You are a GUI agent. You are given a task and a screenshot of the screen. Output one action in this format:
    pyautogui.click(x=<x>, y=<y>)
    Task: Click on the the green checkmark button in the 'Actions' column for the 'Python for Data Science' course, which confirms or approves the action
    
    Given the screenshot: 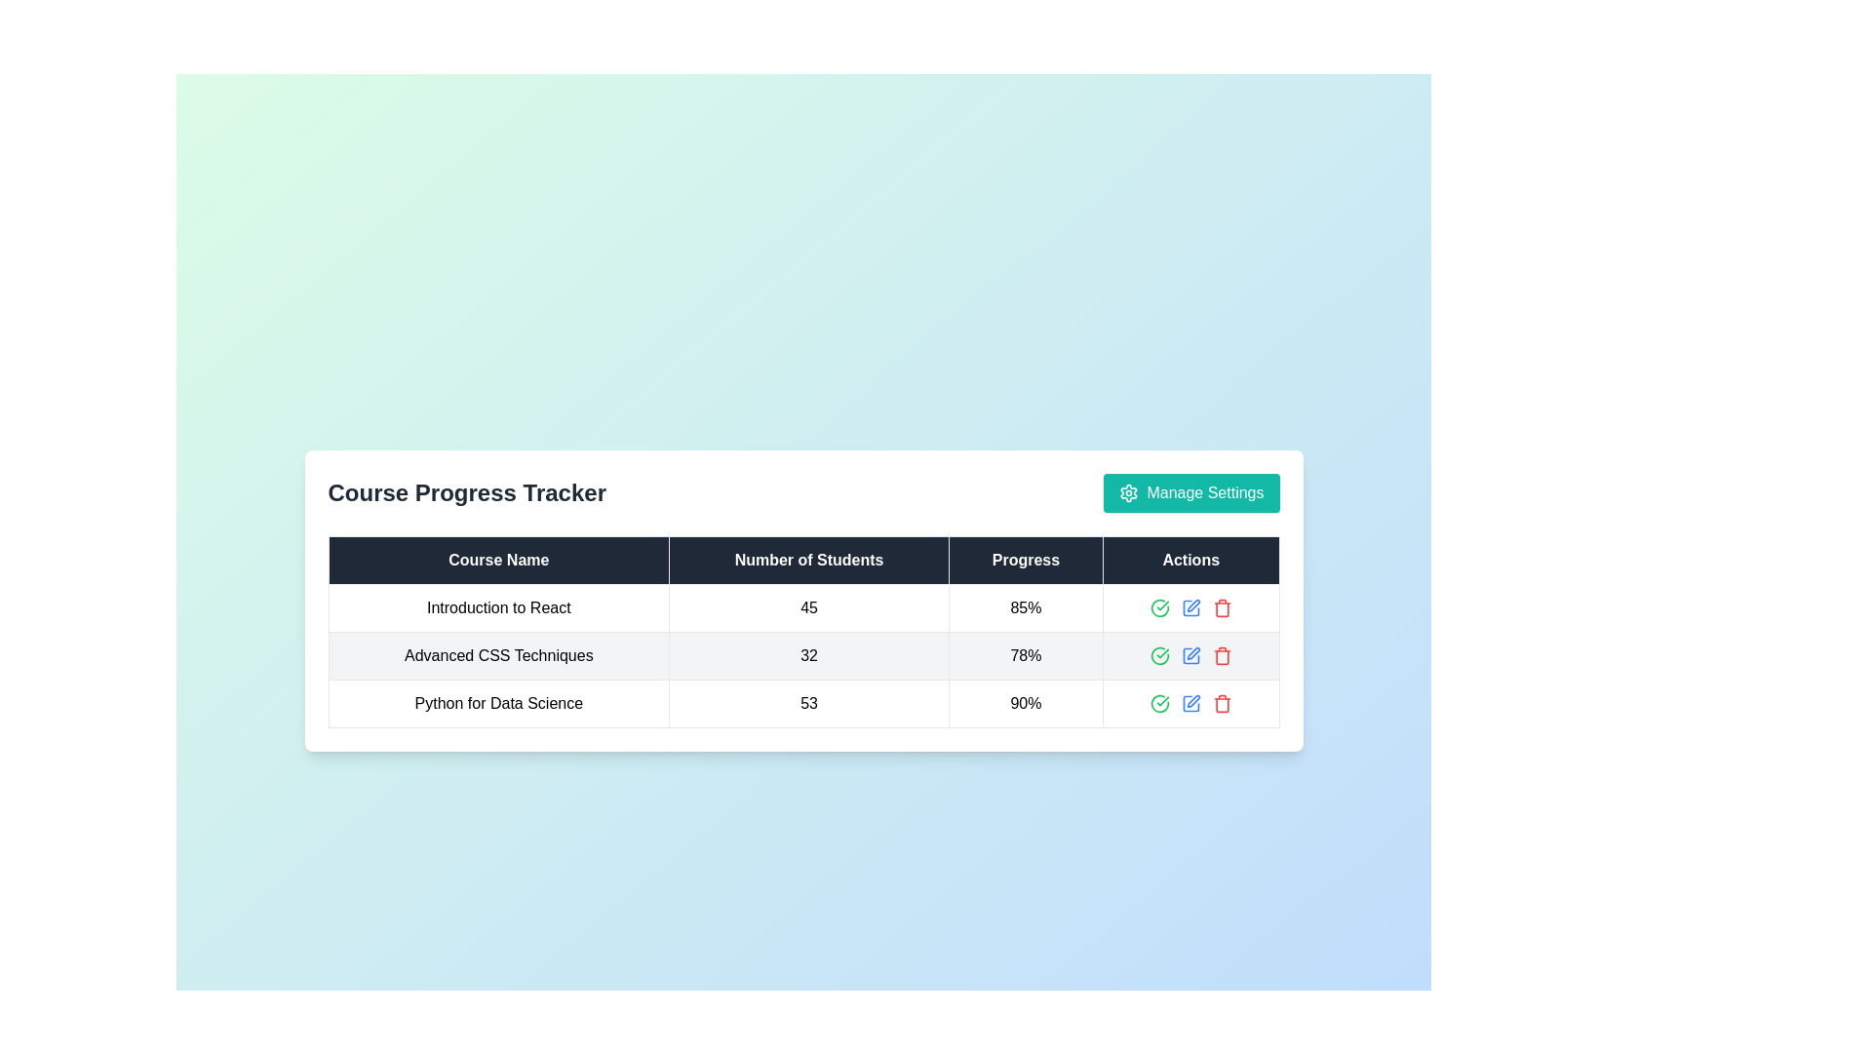 What is the action you would take?
    pyautogui.click(x=1189, y=703)
    